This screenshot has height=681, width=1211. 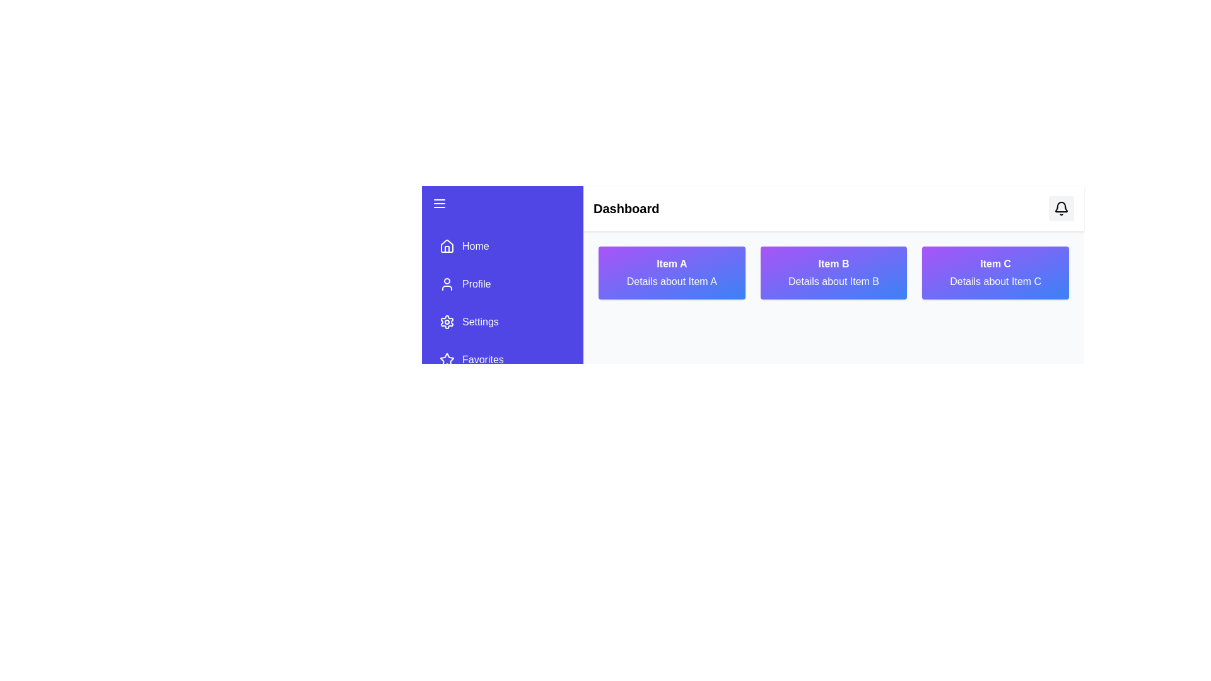 I want to click on the first informational card related to 'Item A' in the grid layout, positioned to the left of 'Item B' and 'Item C', so click(x=671, y=272).